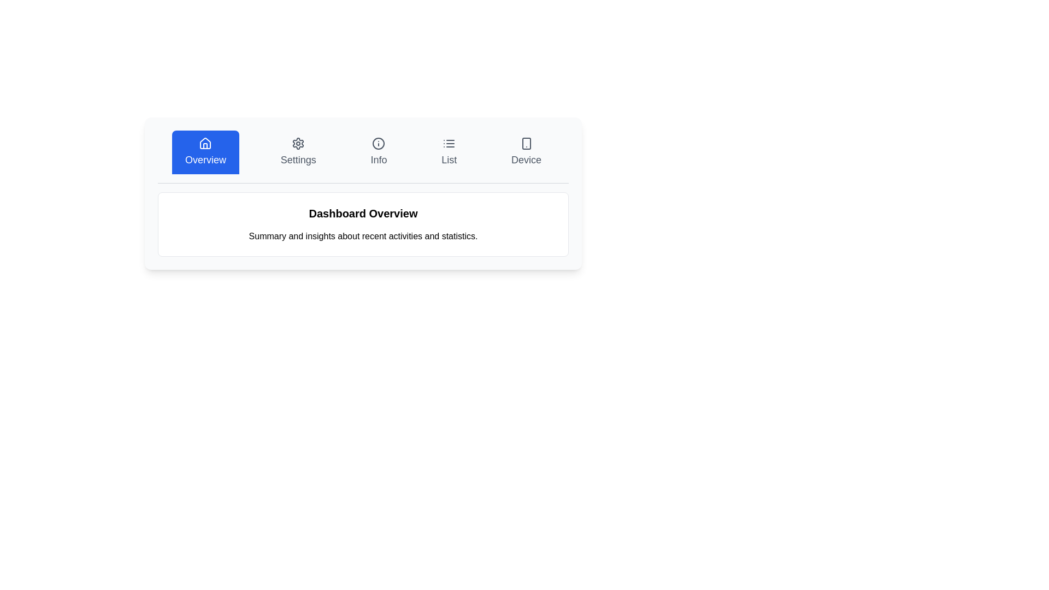 The height and width of the screenshot is (590, 1049). Describe the element at coordinates (449, 152) in the screenshot. I see `the 'List' button, which features an icon of three horizontal lines and a label in a clean sans-serif font` at that location.